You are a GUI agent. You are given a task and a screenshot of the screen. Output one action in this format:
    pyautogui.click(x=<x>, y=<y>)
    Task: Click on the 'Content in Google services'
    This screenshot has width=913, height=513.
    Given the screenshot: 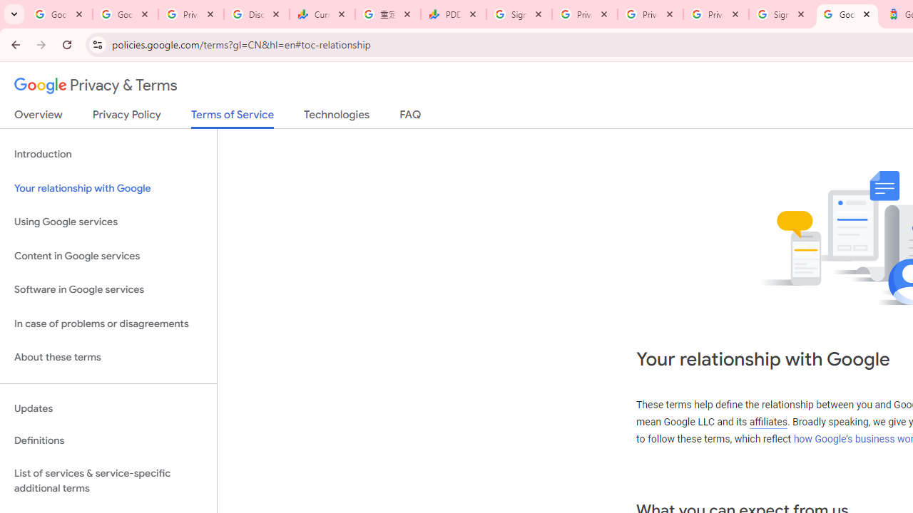 What is the action you would take?
    pyautogui.click(x=108, y=255)
    